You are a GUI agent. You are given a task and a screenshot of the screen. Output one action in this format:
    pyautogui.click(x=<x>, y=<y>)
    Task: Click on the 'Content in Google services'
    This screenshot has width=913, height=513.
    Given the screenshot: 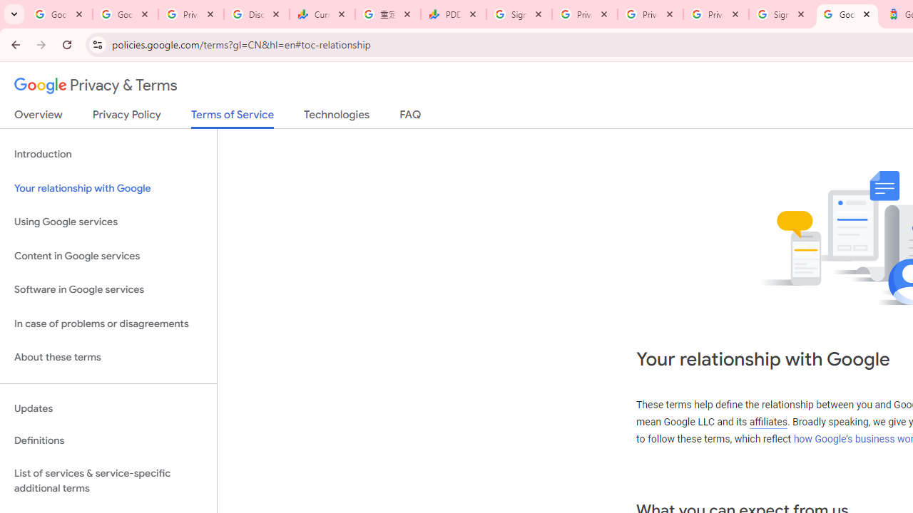 What is the action you would take?
    pyautogui.click(x=108, y=255)
    